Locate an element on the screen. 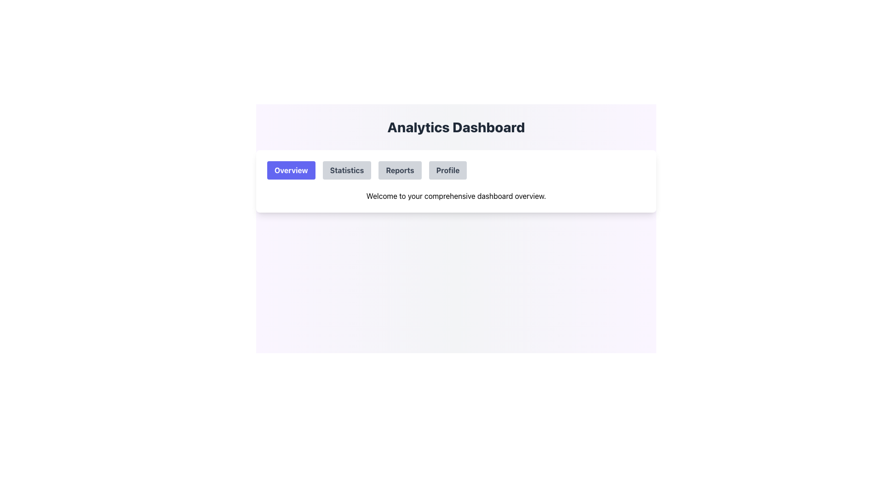 Image resolution: width=883 pixels, height=496 pixels. the 'Statistics', 'Reports', or 'Profile' tabs in the navigation bar of the composite UI component located under the 'Analytics Dashboard' header is located at coordinates (456, 181).